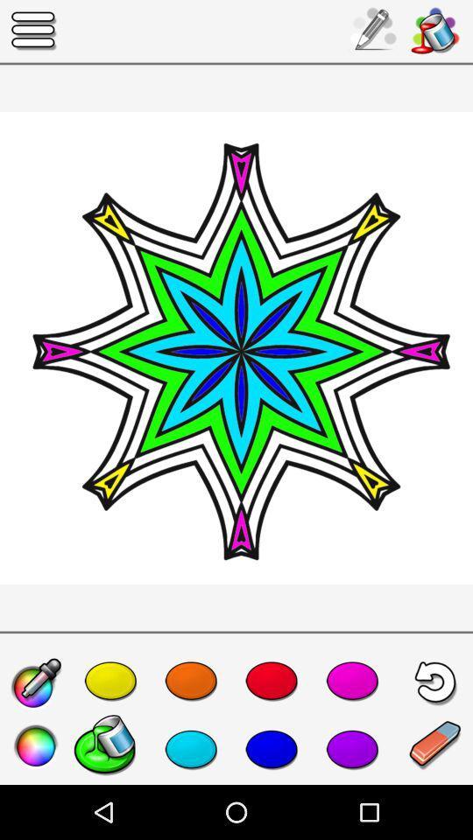 The image size is (473, 840). I want to click on the undo icon, so click(434, 682).